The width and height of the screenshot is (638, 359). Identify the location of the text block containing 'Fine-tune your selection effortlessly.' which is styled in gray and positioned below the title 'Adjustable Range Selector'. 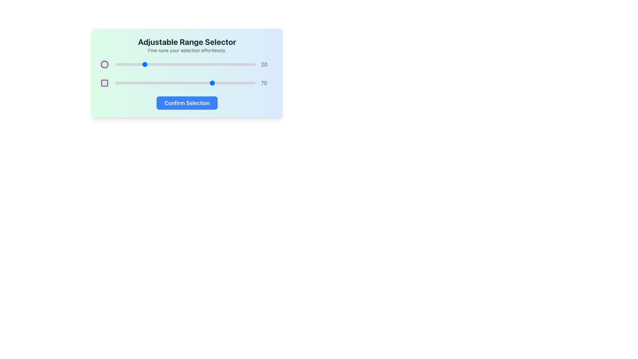
(186, 50).